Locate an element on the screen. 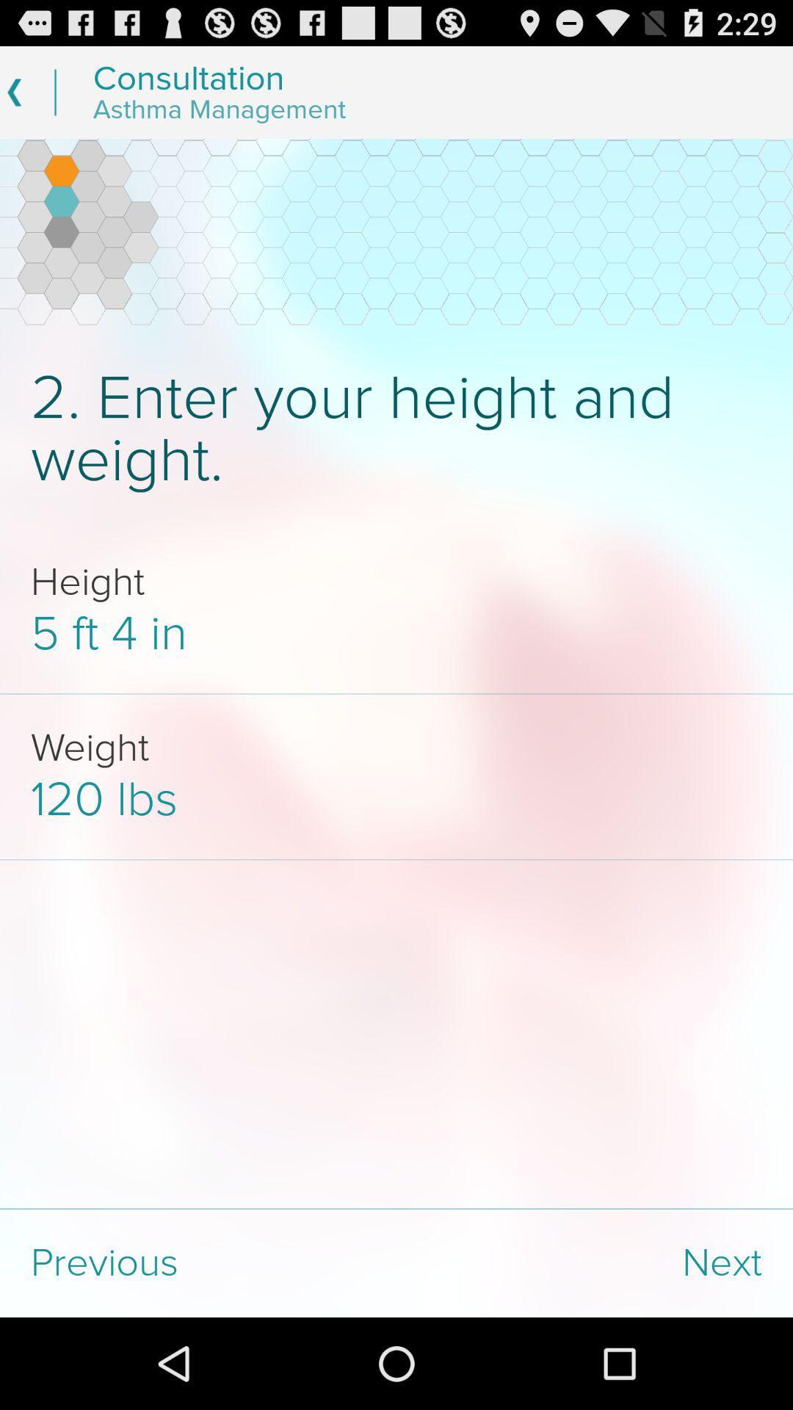 Image resolution: width=793 pixels, height=1410 pixels. icon next to the next item is located at coordinates (198, 1262).